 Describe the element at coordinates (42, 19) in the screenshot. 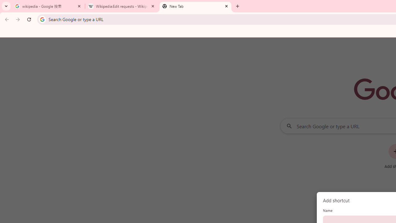

I see `'Search icon'` at that location.